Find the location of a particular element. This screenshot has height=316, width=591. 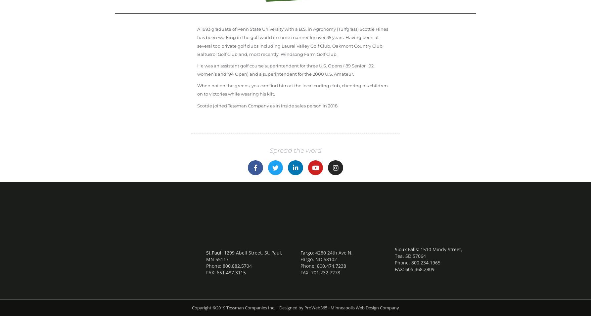

'ProWeb365 - Minneapolis Web Design Company' is located at coordinates (351, 307).